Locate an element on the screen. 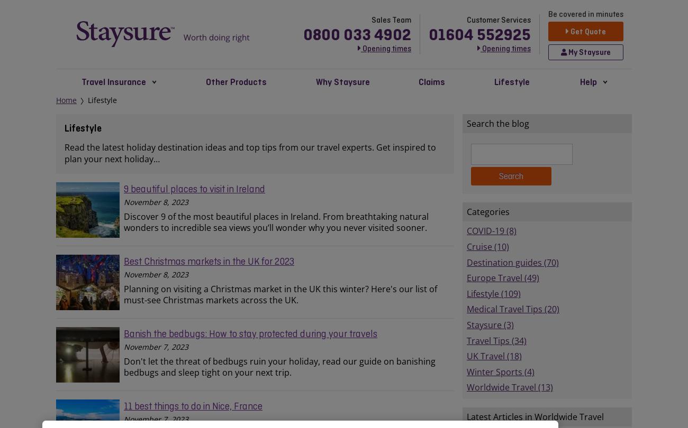  '01604 552925' is located at coordinates (479, 33).